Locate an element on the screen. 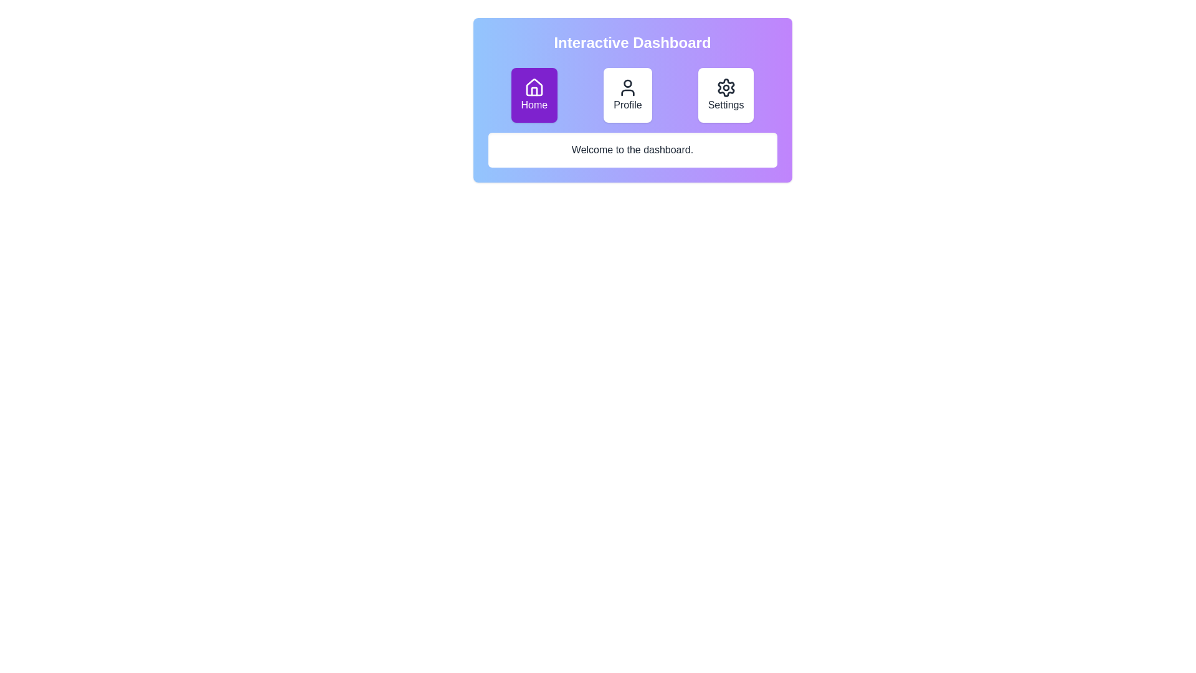 This screenshot has height=673, width=1196. the Settings button to observe its hover effect is located at coordinates (726, 95).